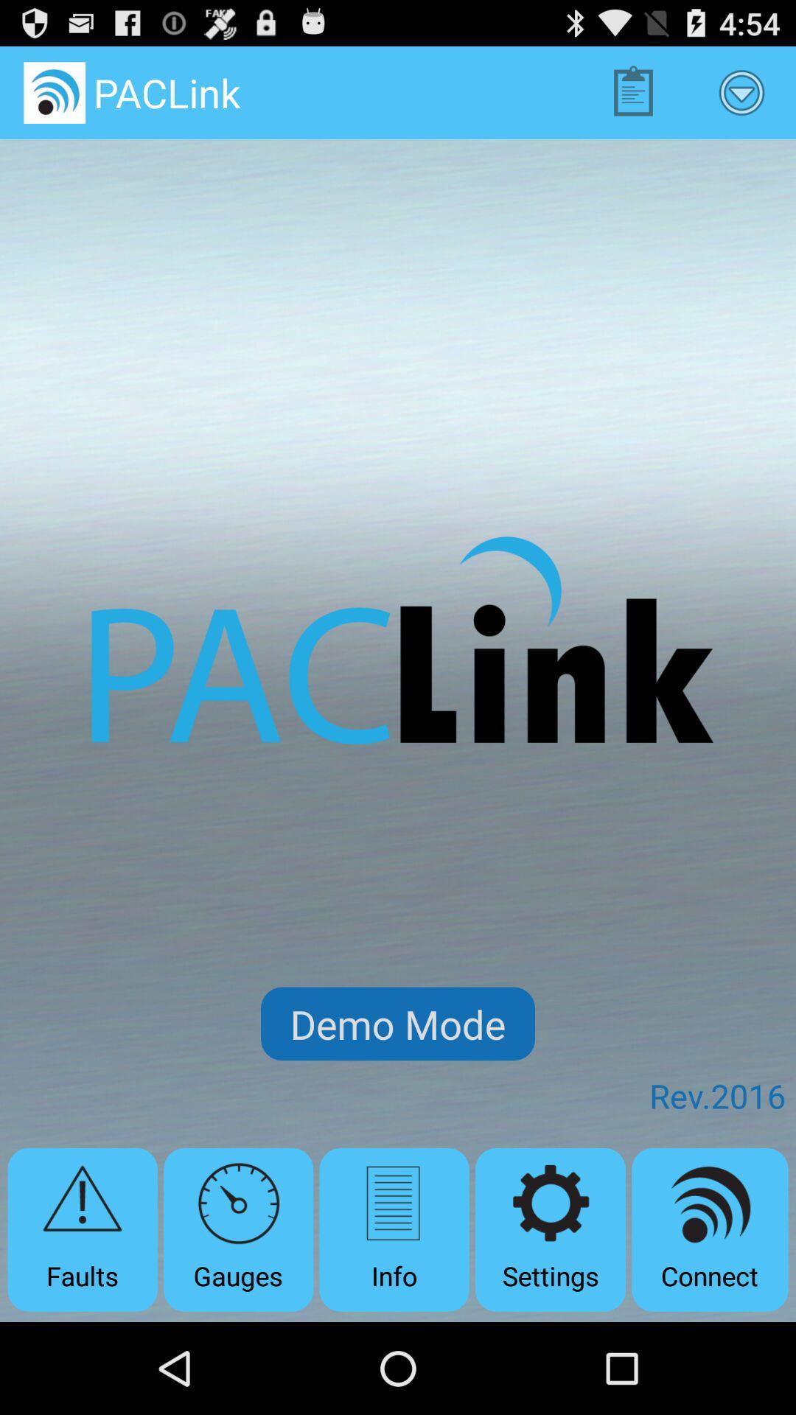 This screenshot has width=796, height=1415. I want to click on info button, so click(394, 1229).